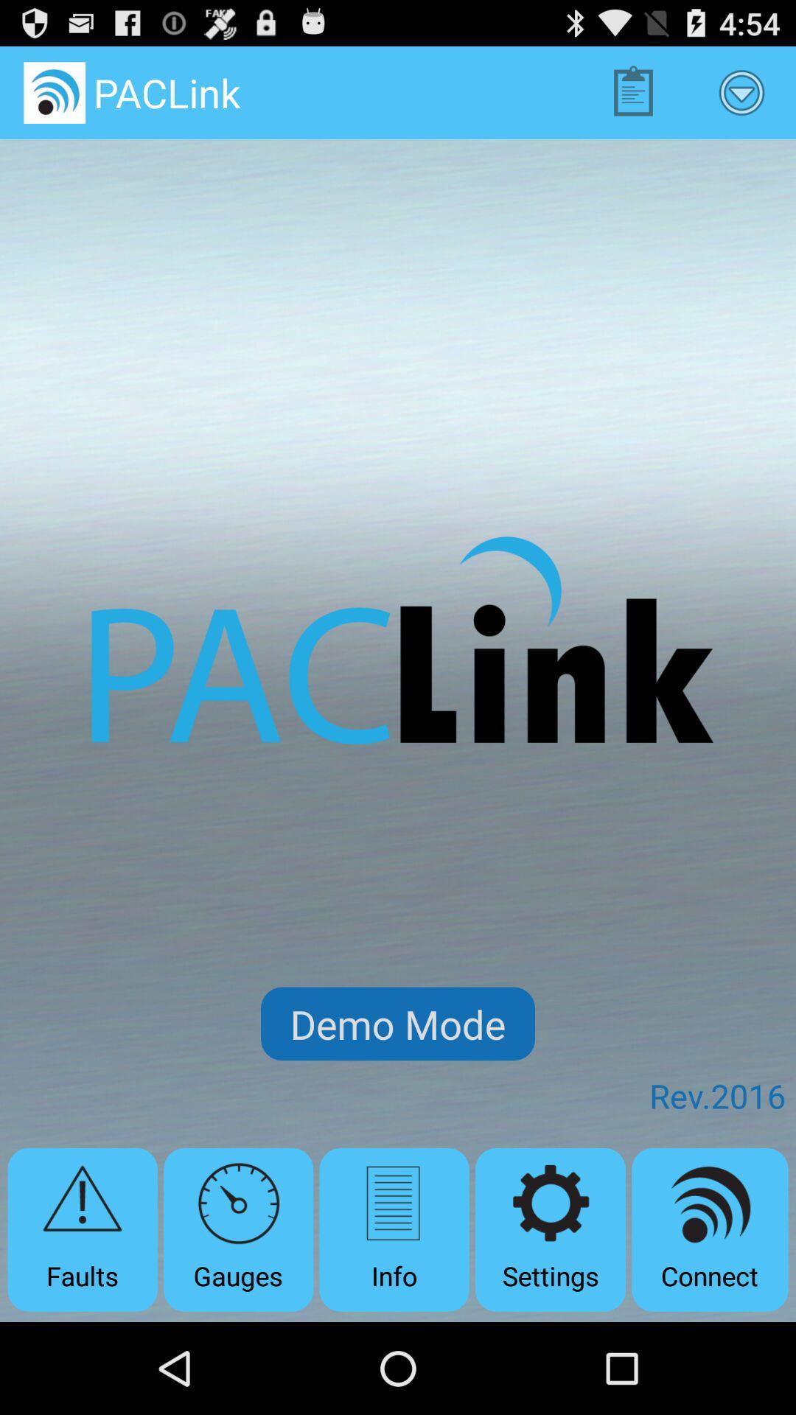 This screenshot has width=796, height=1415. I want to click on info button, so click(394, 1229).